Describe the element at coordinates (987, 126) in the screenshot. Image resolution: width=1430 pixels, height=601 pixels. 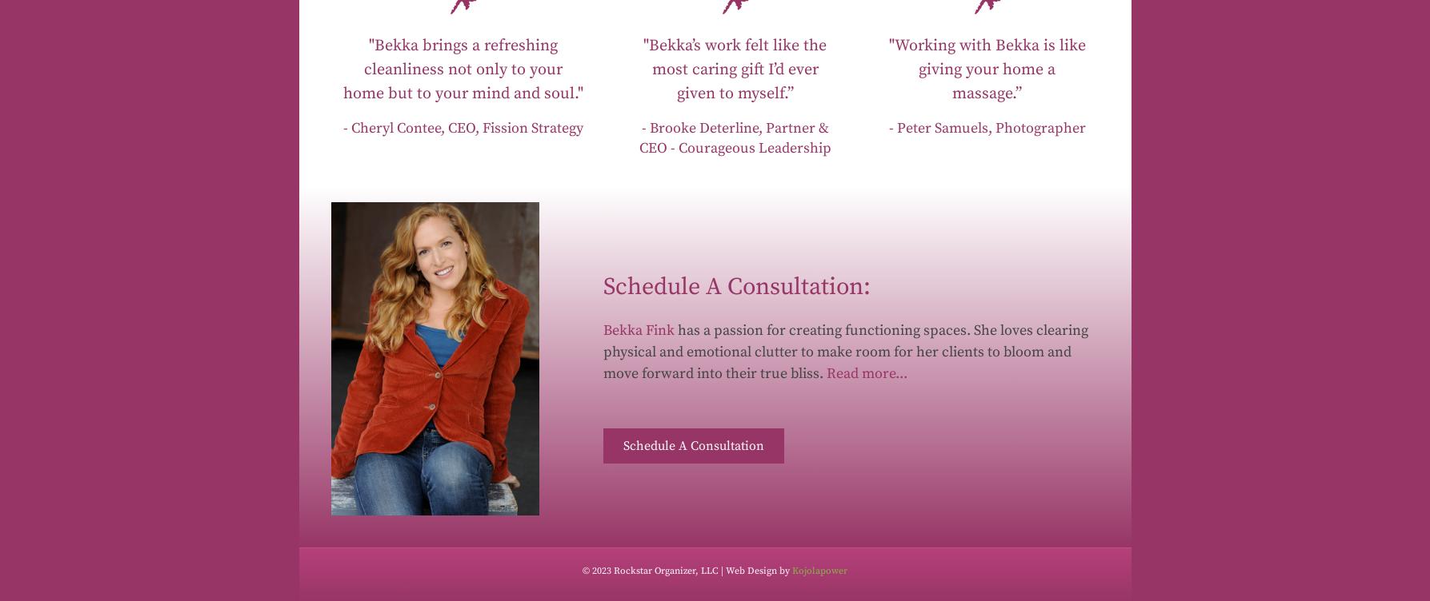
I see `'- Peter Samuels, Photographer'` at that location.